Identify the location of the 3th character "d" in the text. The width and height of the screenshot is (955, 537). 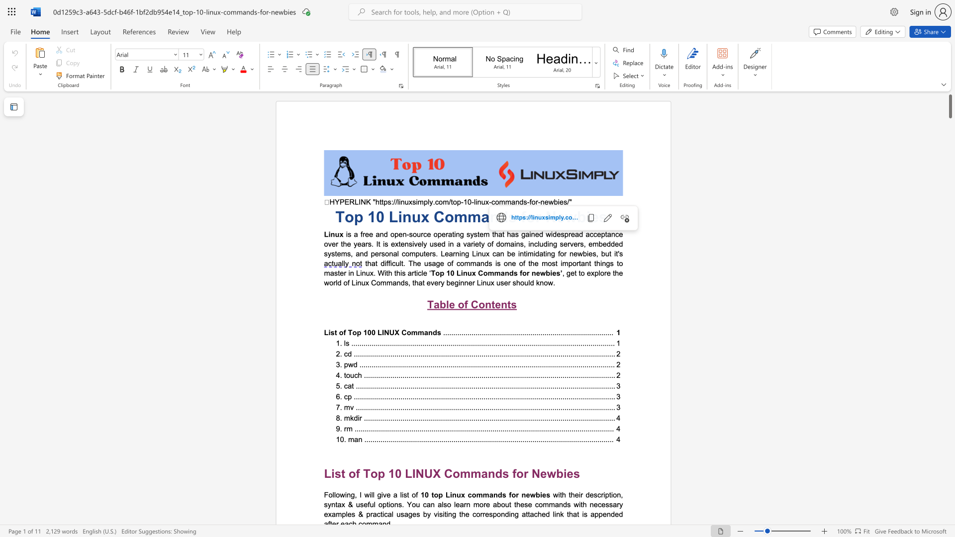
(531, 282).